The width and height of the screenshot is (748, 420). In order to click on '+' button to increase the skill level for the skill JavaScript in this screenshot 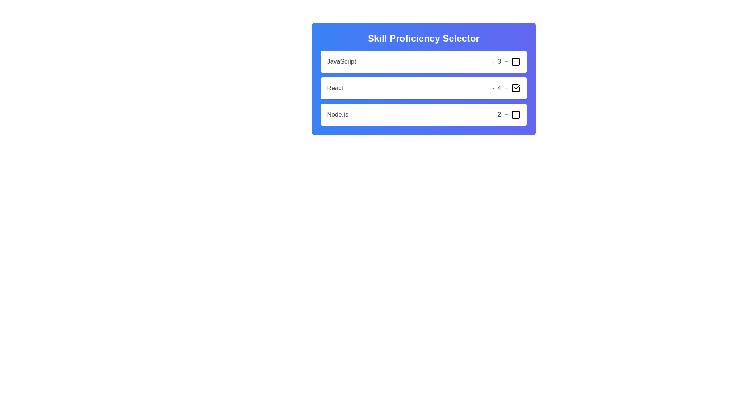, I will do `click(506, 61)`.